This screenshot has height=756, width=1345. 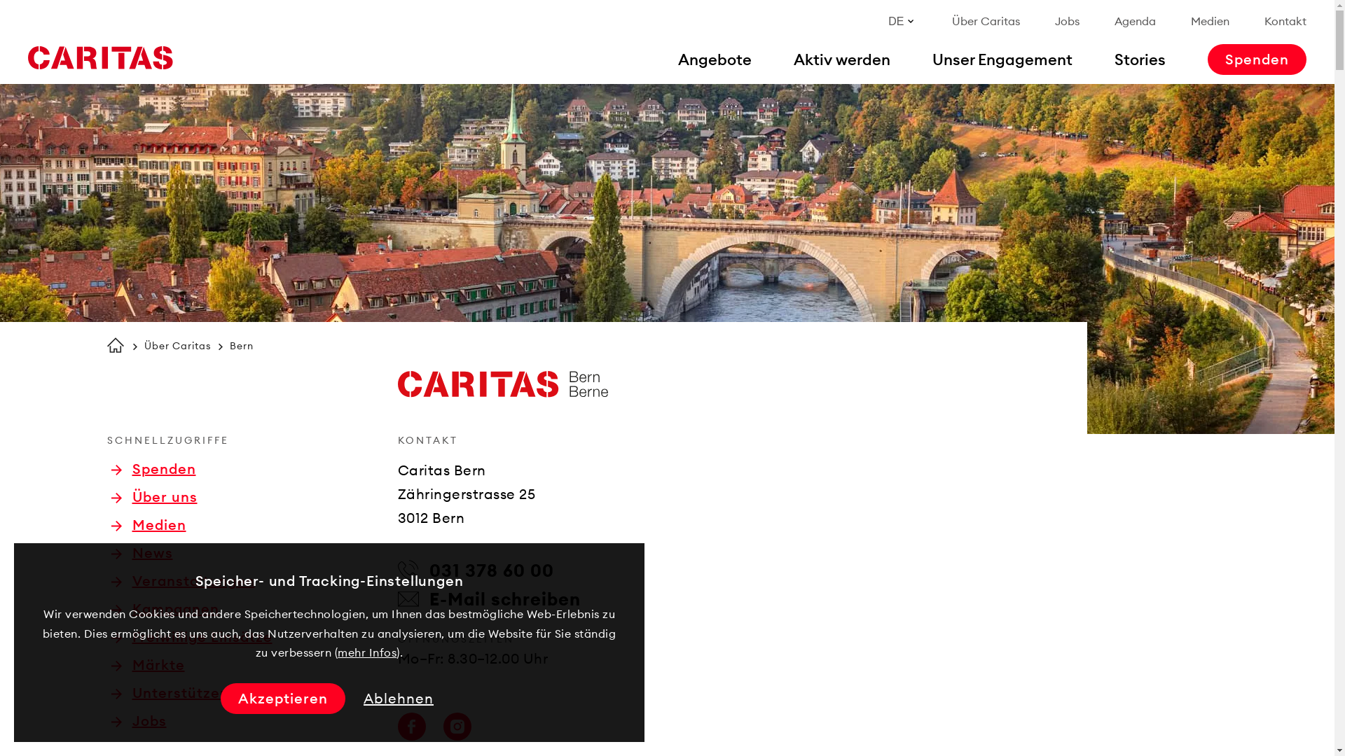 What do you see at coordinates (398, 699) in the screenshot?
I see `'Ablehnen'` at bounding box center [398, 699].